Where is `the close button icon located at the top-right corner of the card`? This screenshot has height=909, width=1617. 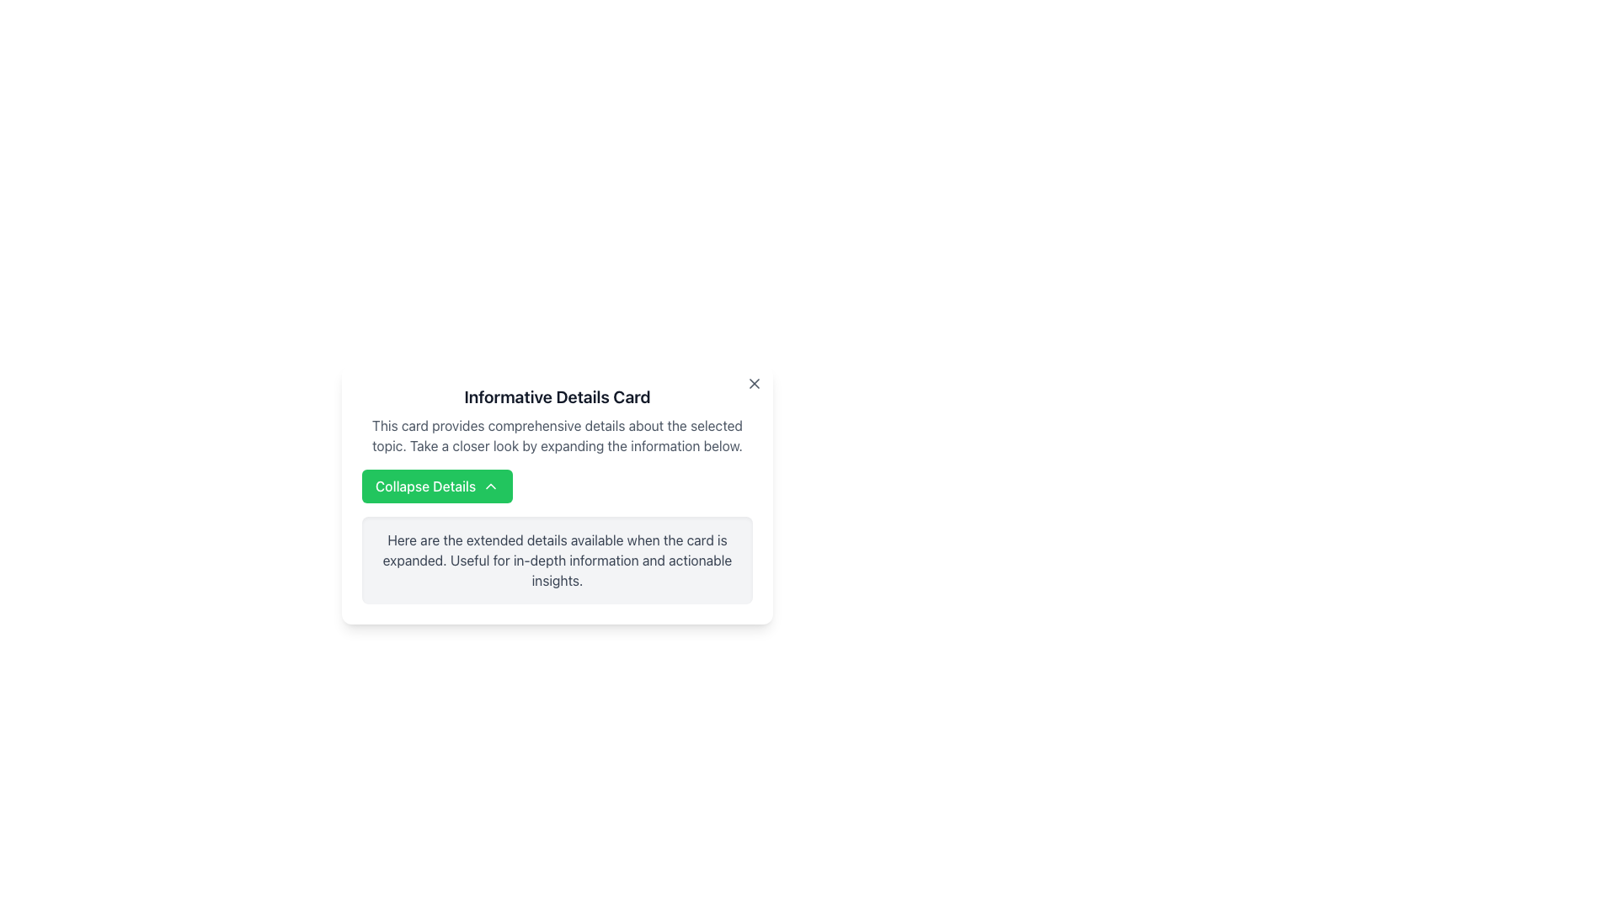 the close button icon located at the top-right corner of the card is located at coordinates (754, 383).